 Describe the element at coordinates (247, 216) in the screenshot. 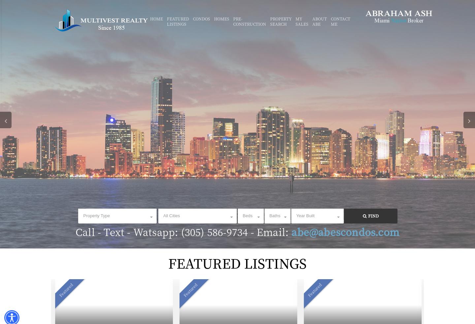

I see `'Beds'` at that location.